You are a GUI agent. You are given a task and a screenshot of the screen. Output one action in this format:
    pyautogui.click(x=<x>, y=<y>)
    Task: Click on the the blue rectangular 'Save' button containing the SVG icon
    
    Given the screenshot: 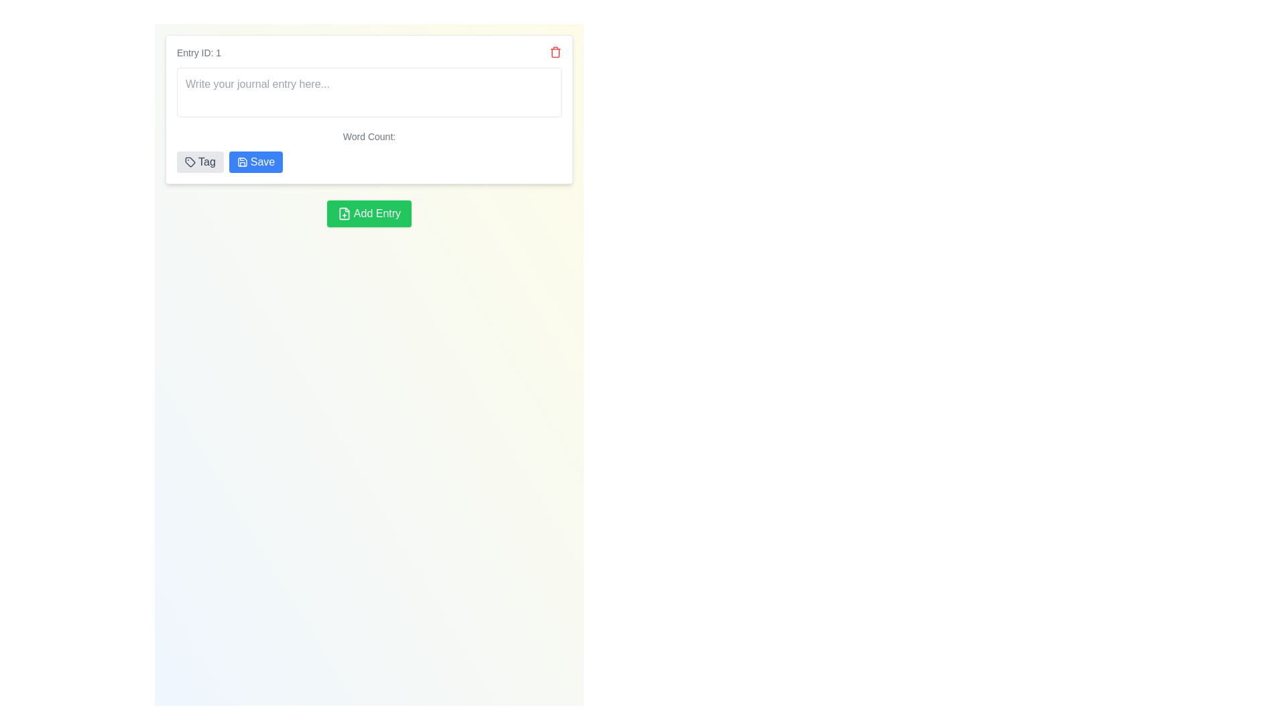 What is the action you would take?
    pyautogui.click(x=242, y=162)
    